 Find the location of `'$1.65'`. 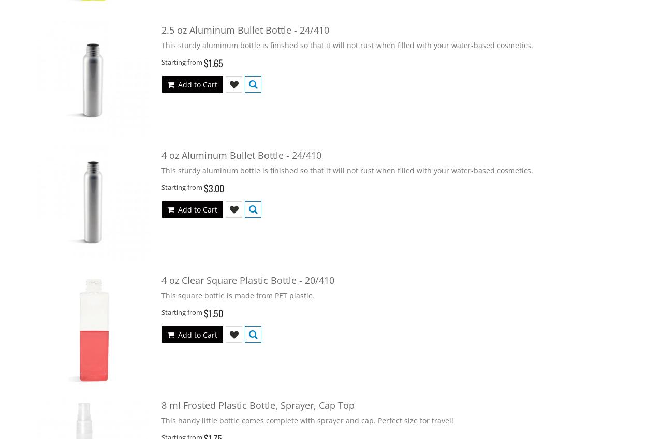

'$1.65' is located at coordinates (213, 62).